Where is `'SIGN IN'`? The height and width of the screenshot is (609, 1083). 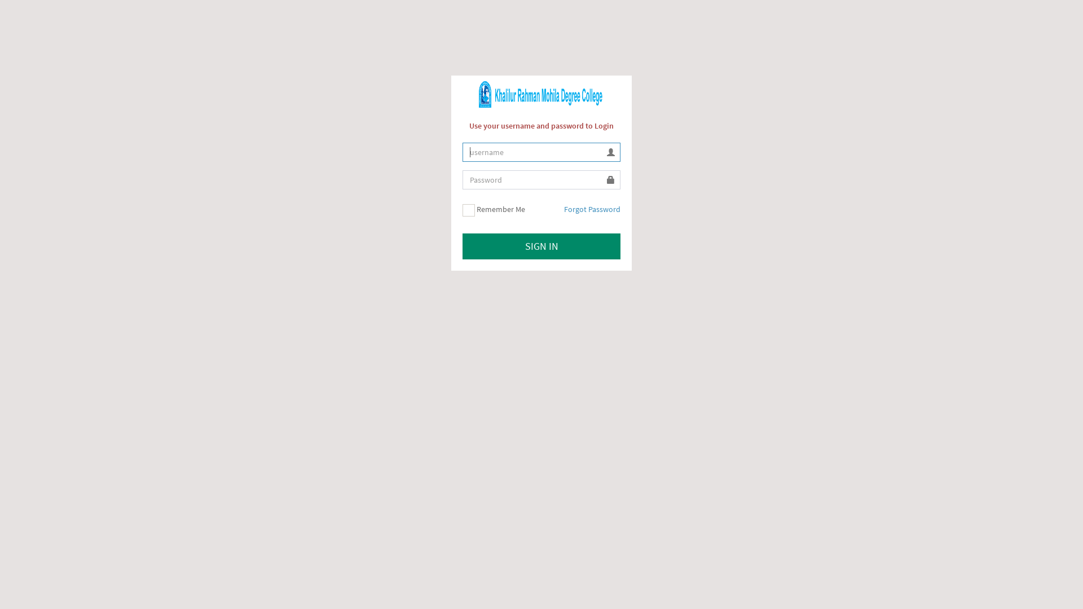
'SIGN IN' is located at coordinates (463, 245).